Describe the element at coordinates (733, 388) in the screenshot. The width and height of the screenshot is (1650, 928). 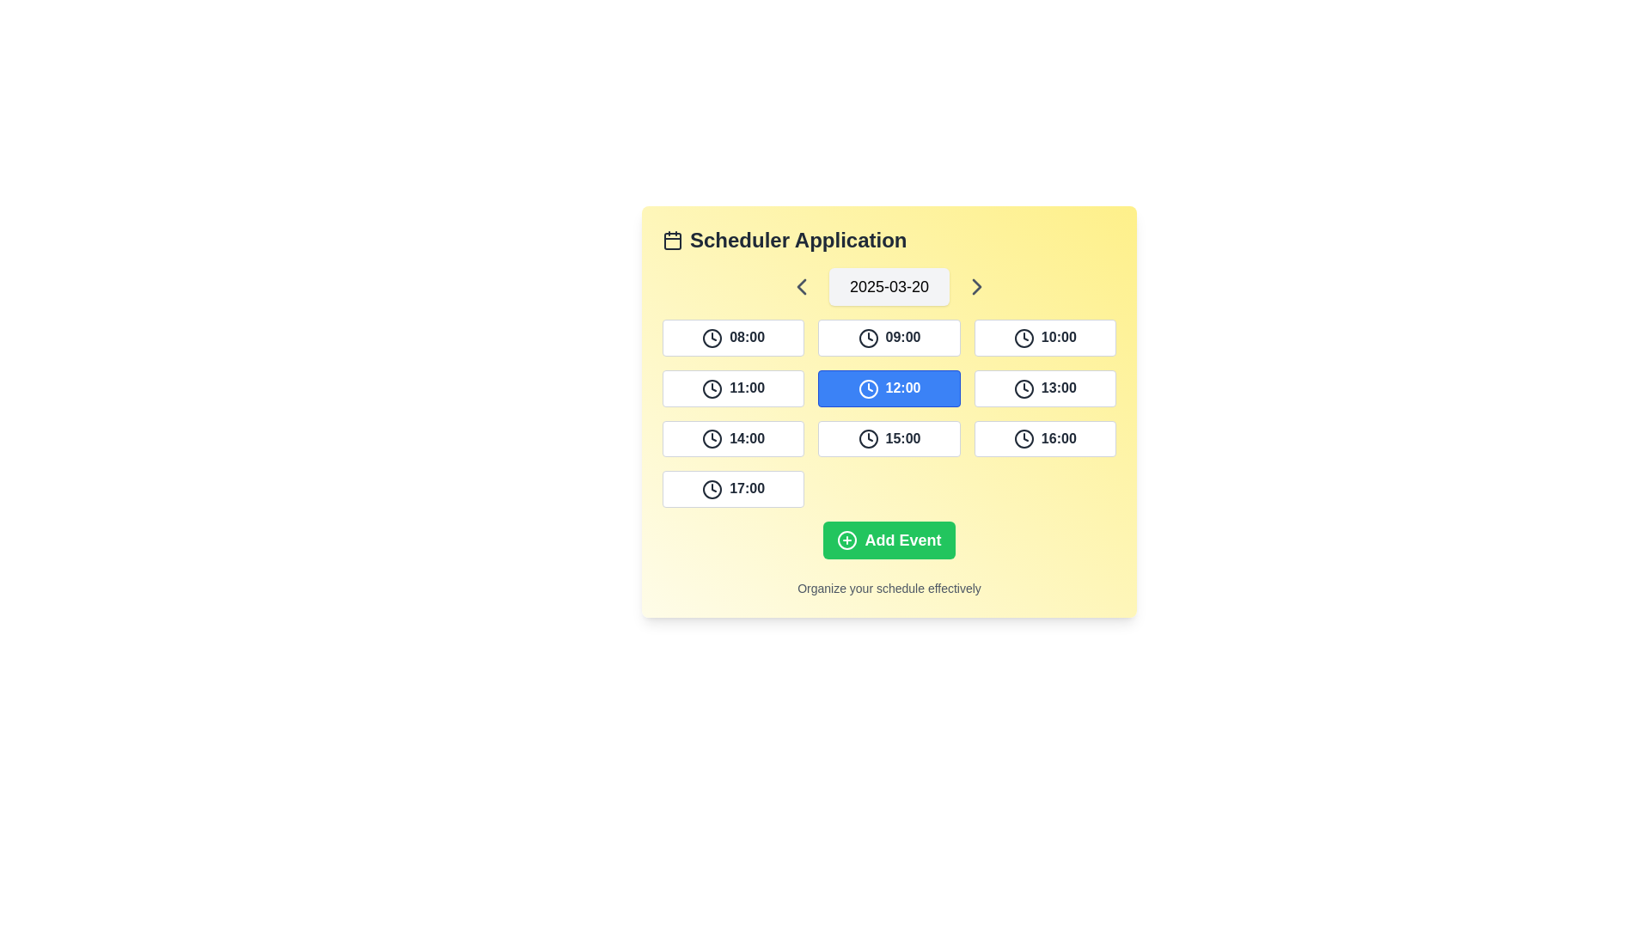
I see `the button displaying '11:00' with a clock icon` at that location.